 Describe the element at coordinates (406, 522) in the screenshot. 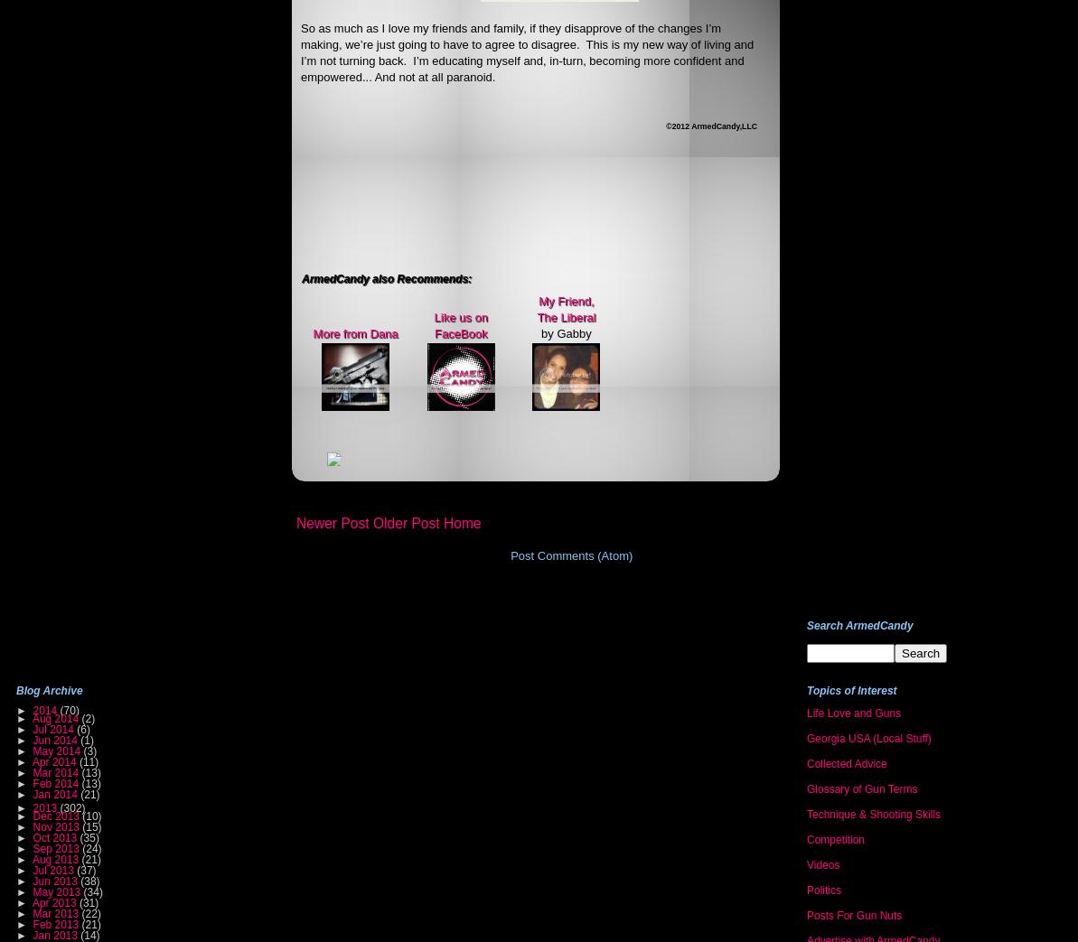

I see `'Older Post'` at that location.